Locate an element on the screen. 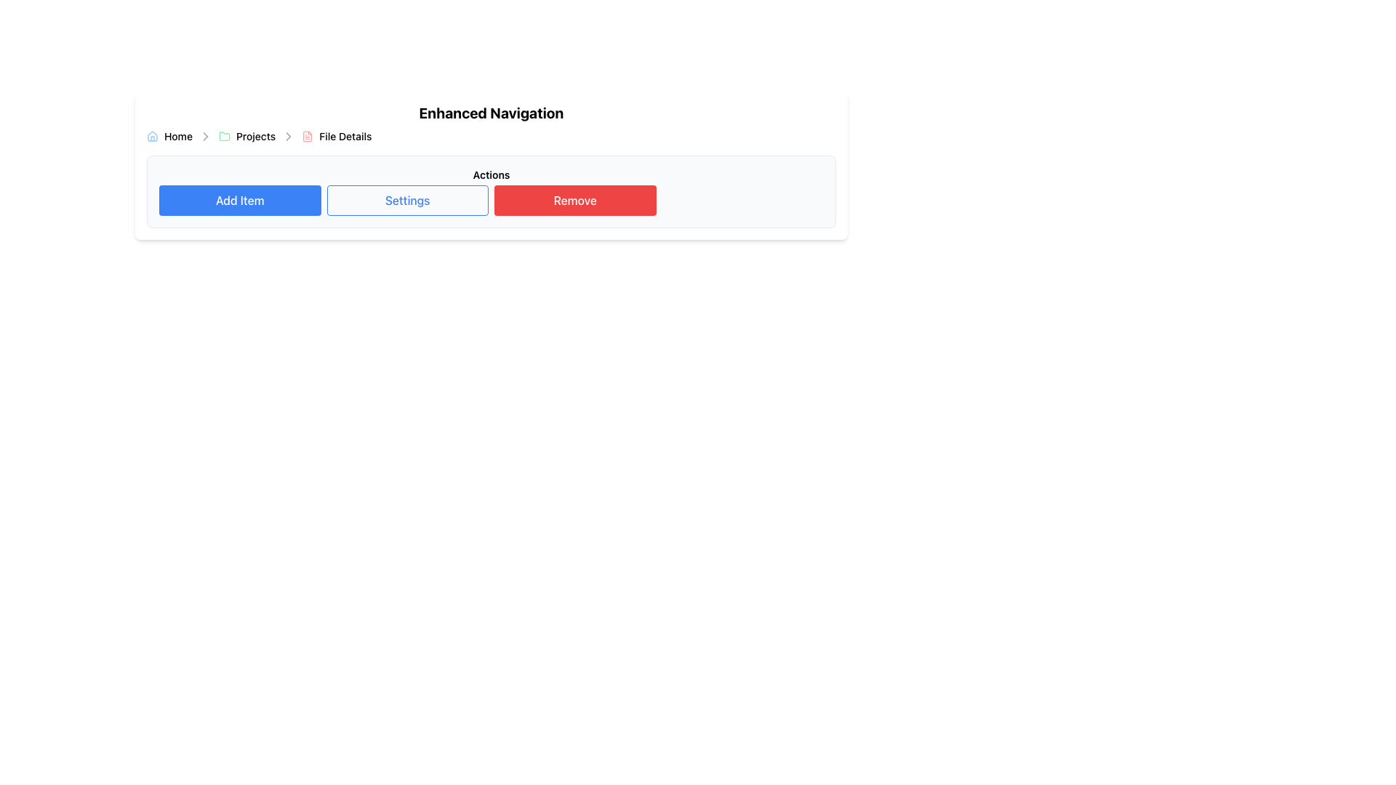  the 'Home' icon in the breadcrumb navigation is located at coordinates (153, 137).